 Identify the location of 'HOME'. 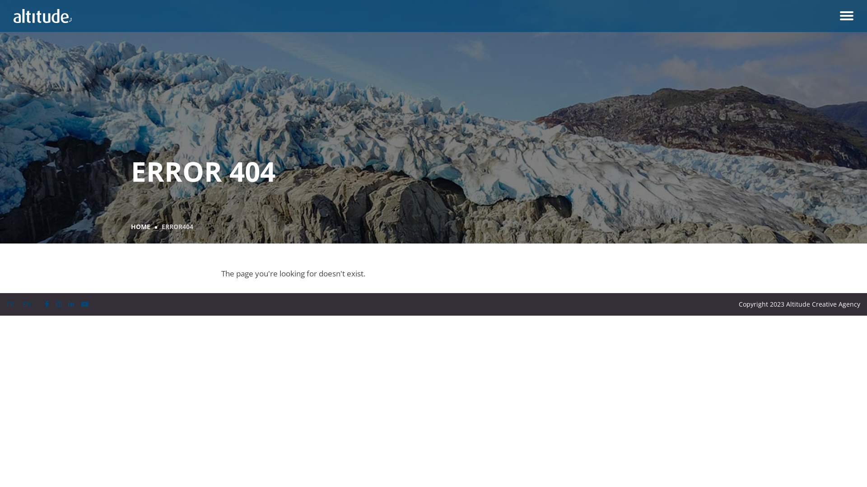
(140, 226).